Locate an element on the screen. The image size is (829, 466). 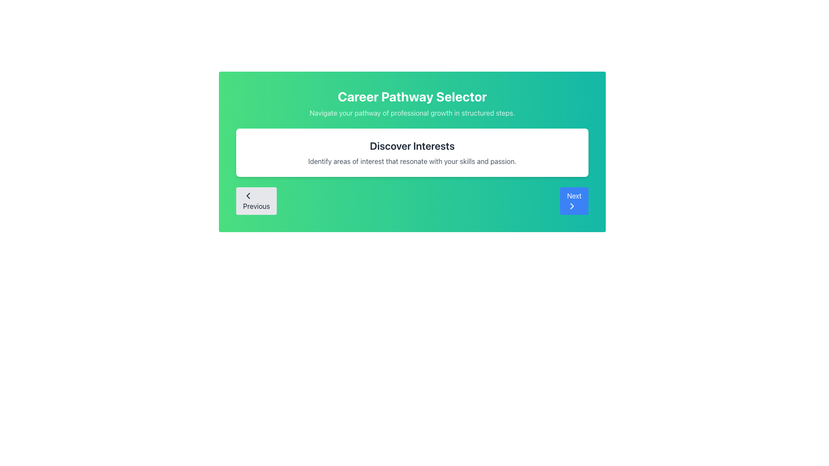
the chevron icon located to the right of the 'Next' button at the bottom-right corner of the main interface is located at coordinates (572, 206).